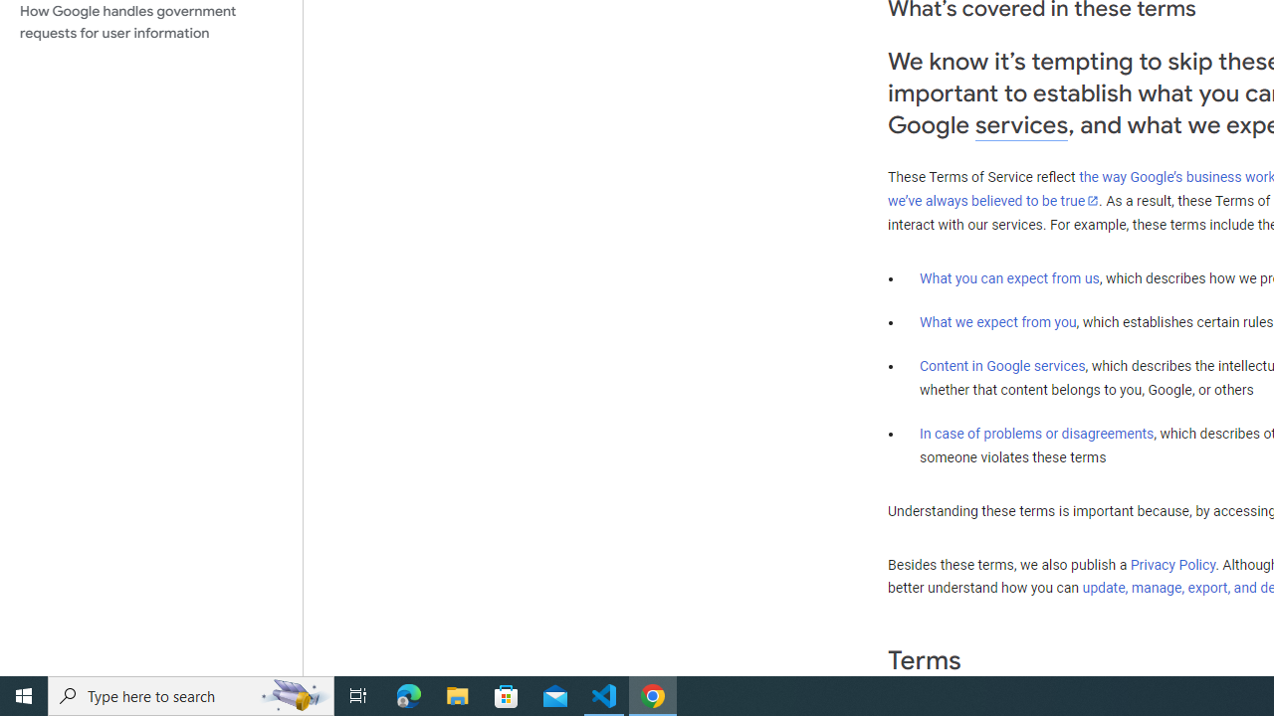 The image size is (1274, 716). What do you see at coordinates (1172, 564) in the screenshot?
I see `'Privacy Policy'` at bounding box center [1172, 564].